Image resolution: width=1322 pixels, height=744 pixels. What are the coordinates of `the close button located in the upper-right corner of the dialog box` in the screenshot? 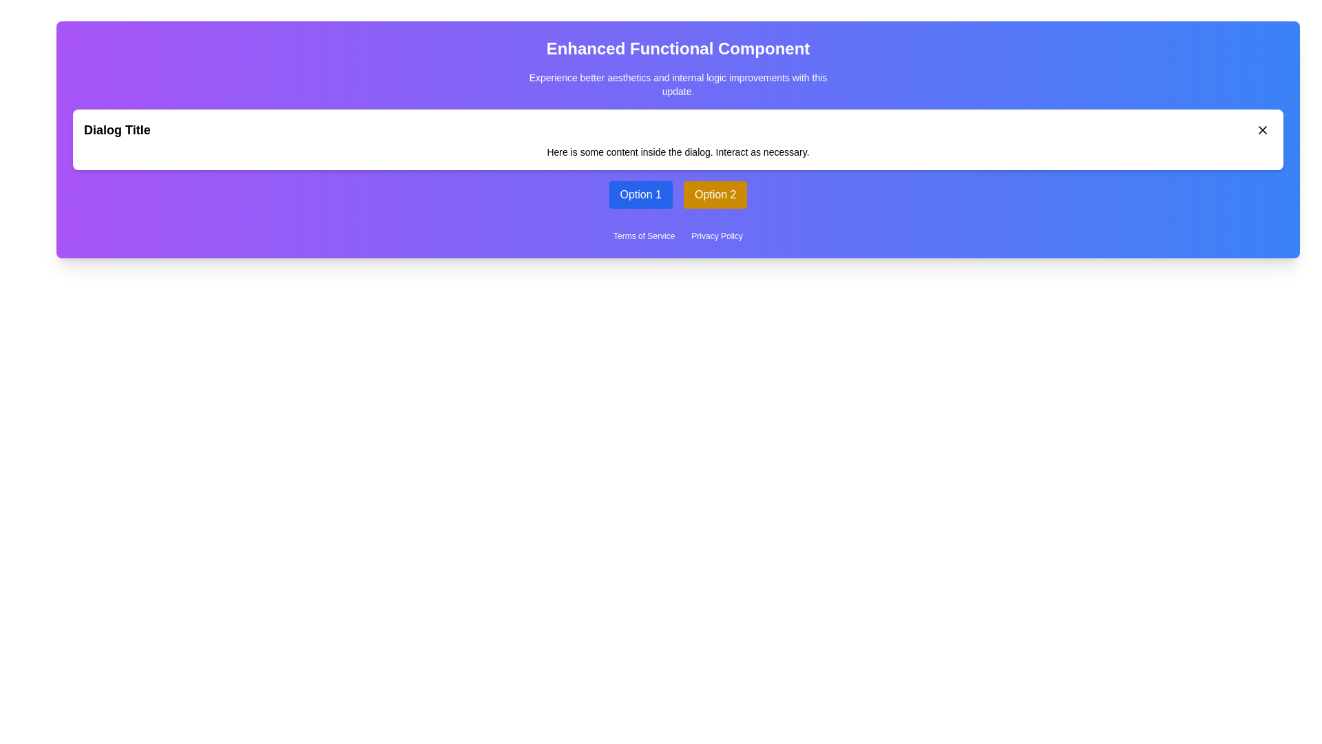 It's located at (1262, 130).